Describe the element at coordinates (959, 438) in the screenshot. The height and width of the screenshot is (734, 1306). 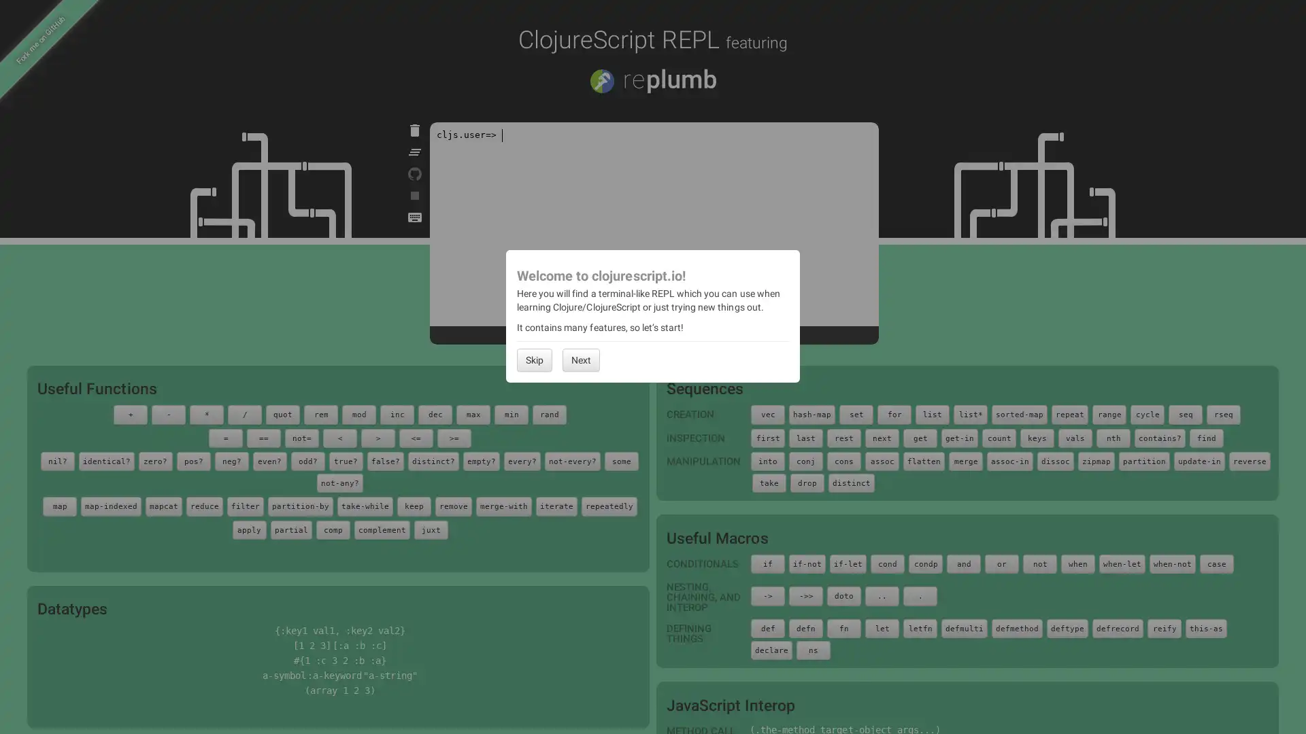
I see `get-in` at that location.